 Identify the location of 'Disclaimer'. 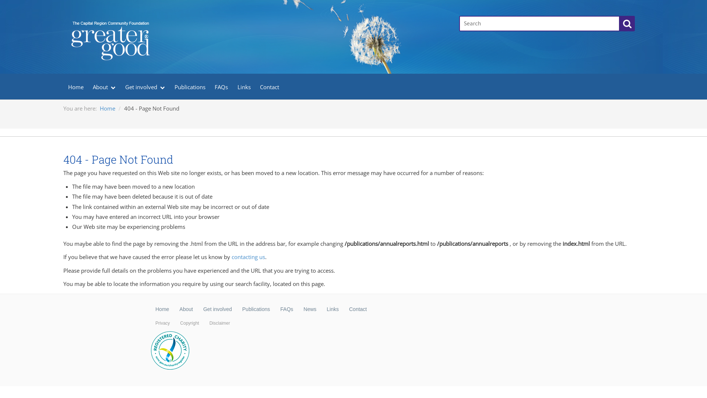
(204, 322).